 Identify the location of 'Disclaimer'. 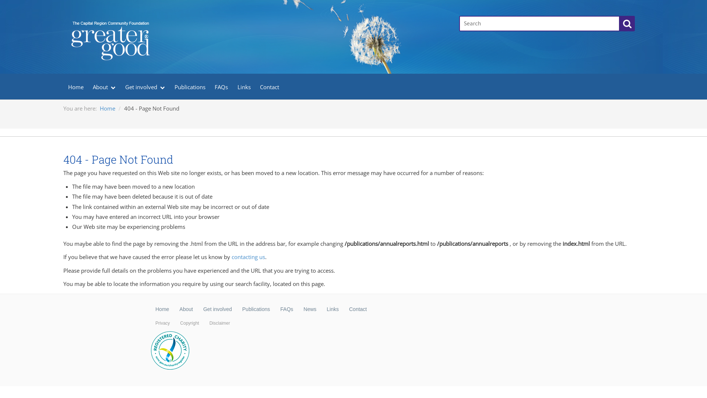
(204, 322).